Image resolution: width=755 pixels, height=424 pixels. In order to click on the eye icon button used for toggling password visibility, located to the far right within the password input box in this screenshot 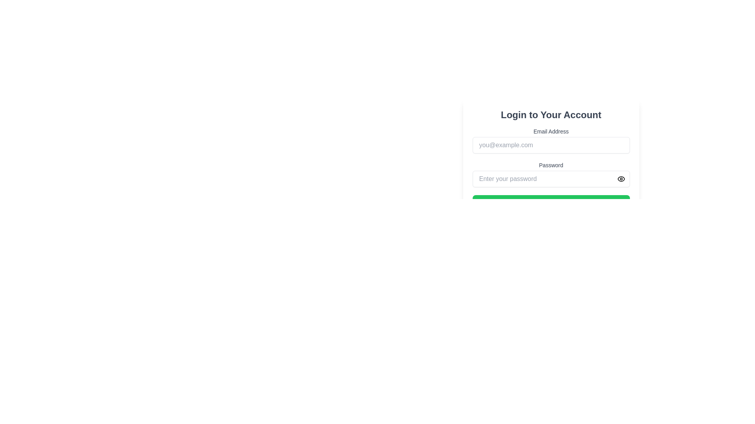, I will do `click(621, 179)`.